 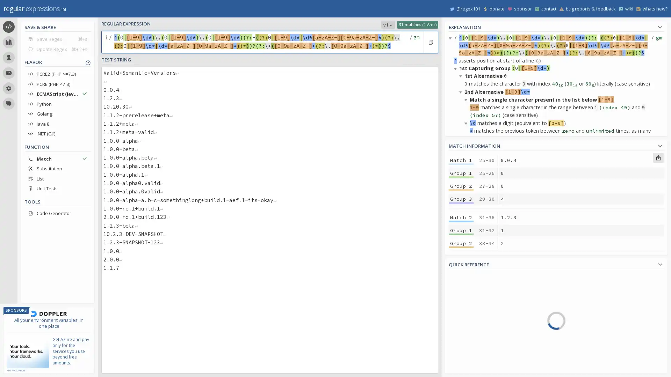 I want to click on Group 1, so click(x=461, y=173).